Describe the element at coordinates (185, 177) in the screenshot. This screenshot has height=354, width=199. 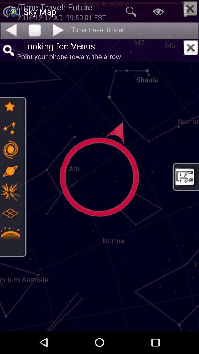
I see `the wallpaper icon` at that location.